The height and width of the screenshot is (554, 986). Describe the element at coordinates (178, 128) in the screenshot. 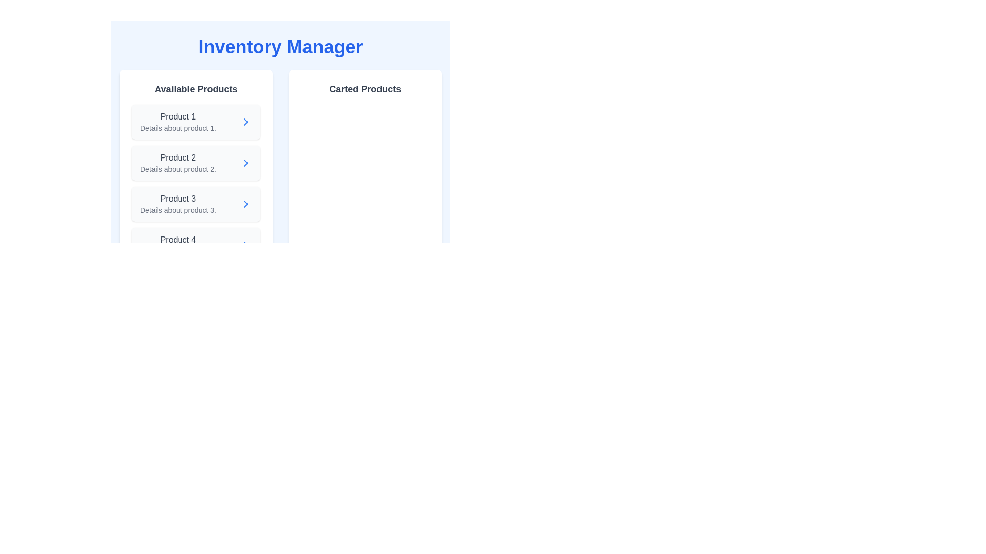

I see `the Text Label providing additional information about 'Product 1', located below 'Product 1' in the 'Available Products' section of the left column` at that location.